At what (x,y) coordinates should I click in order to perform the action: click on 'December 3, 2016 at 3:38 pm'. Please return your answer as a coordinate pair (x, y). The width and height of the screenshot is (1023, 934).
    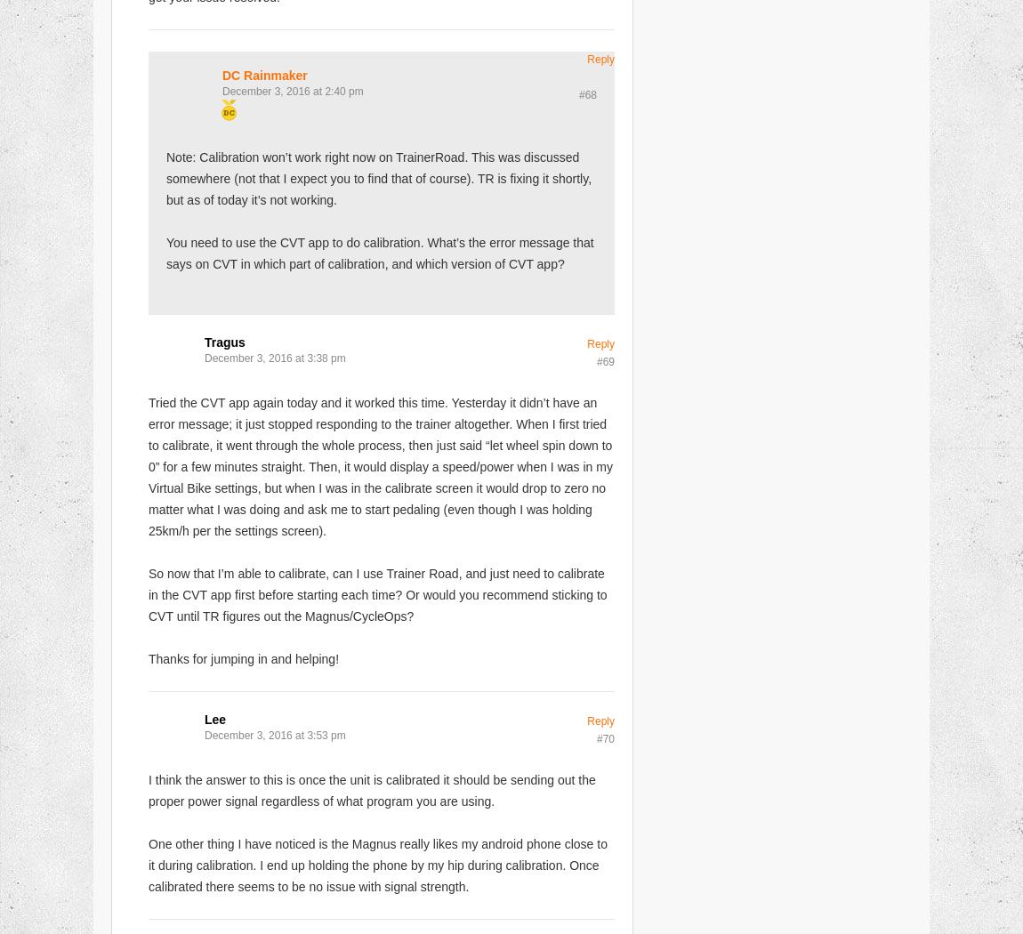
    Looking at the image, I should click on (275, 358).